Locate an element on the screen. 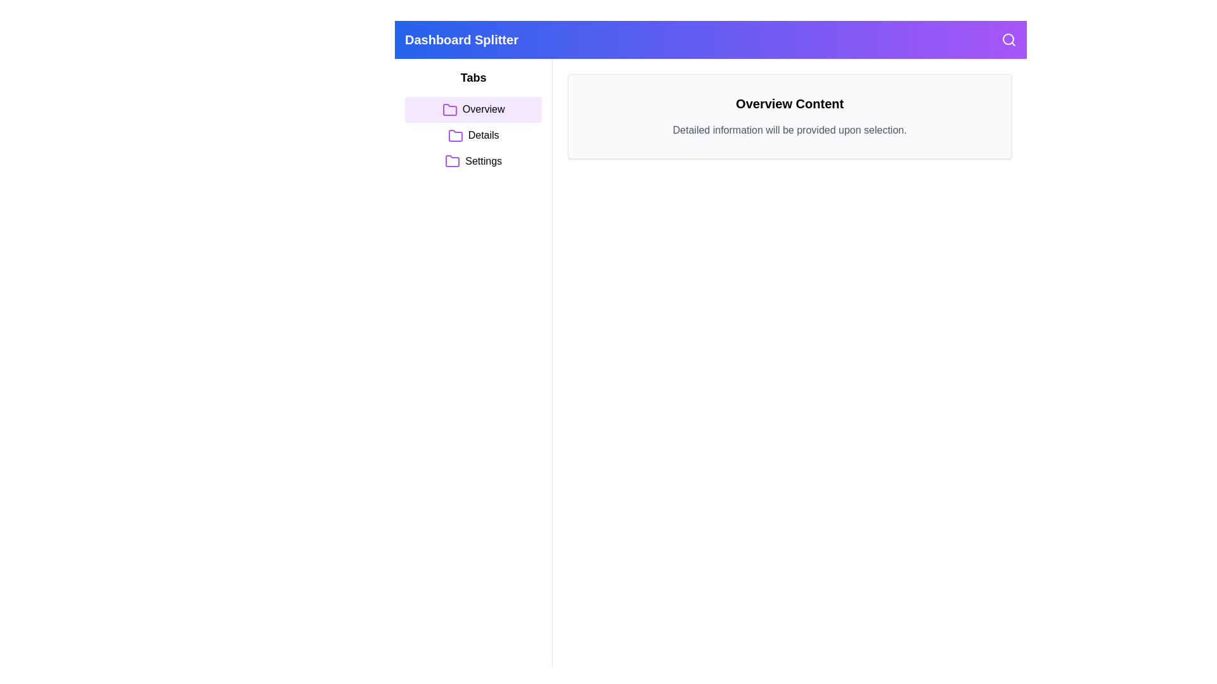  the 'Settings' button located as the third item in the vertical navigation list, directly beneath the 'Details' item is located at coordinates (473, 160).